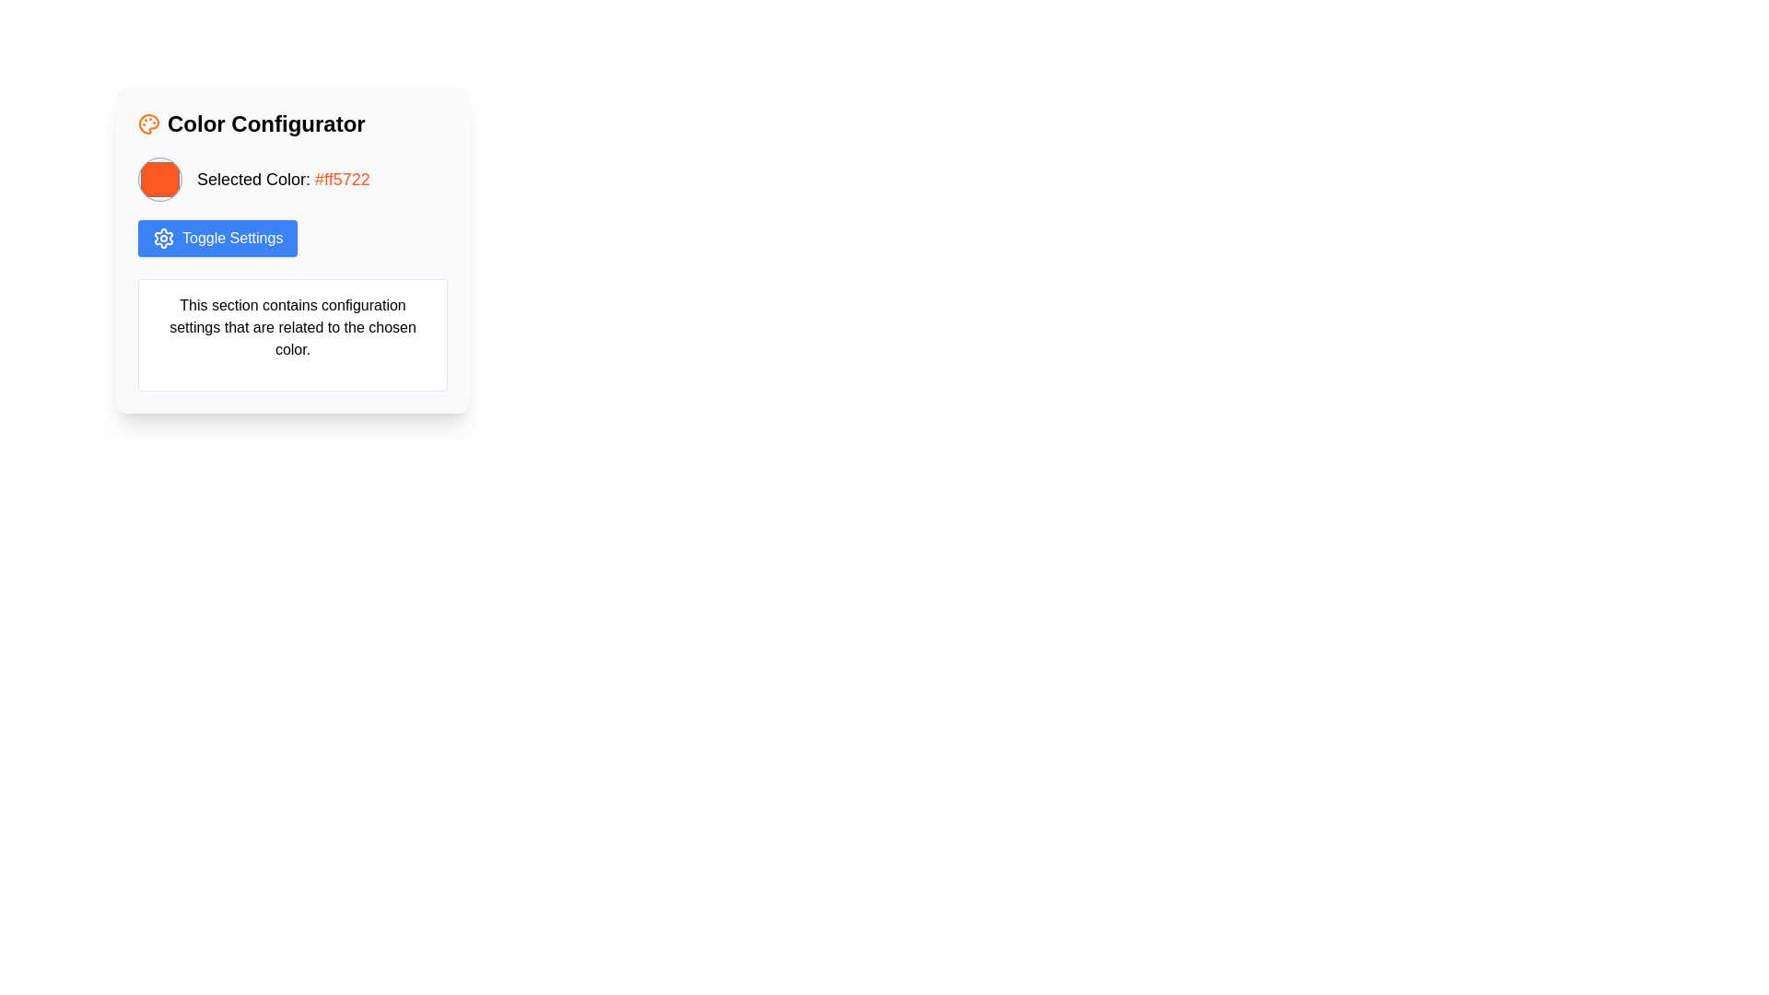 The width and height of the screenshot is (1769, 995). Describe the element at coordinates (159, 180) in the screenshot. I see `the circular orange Color Picker Swatch located in the top-left section of the 'Color Configurator' box` at that location.